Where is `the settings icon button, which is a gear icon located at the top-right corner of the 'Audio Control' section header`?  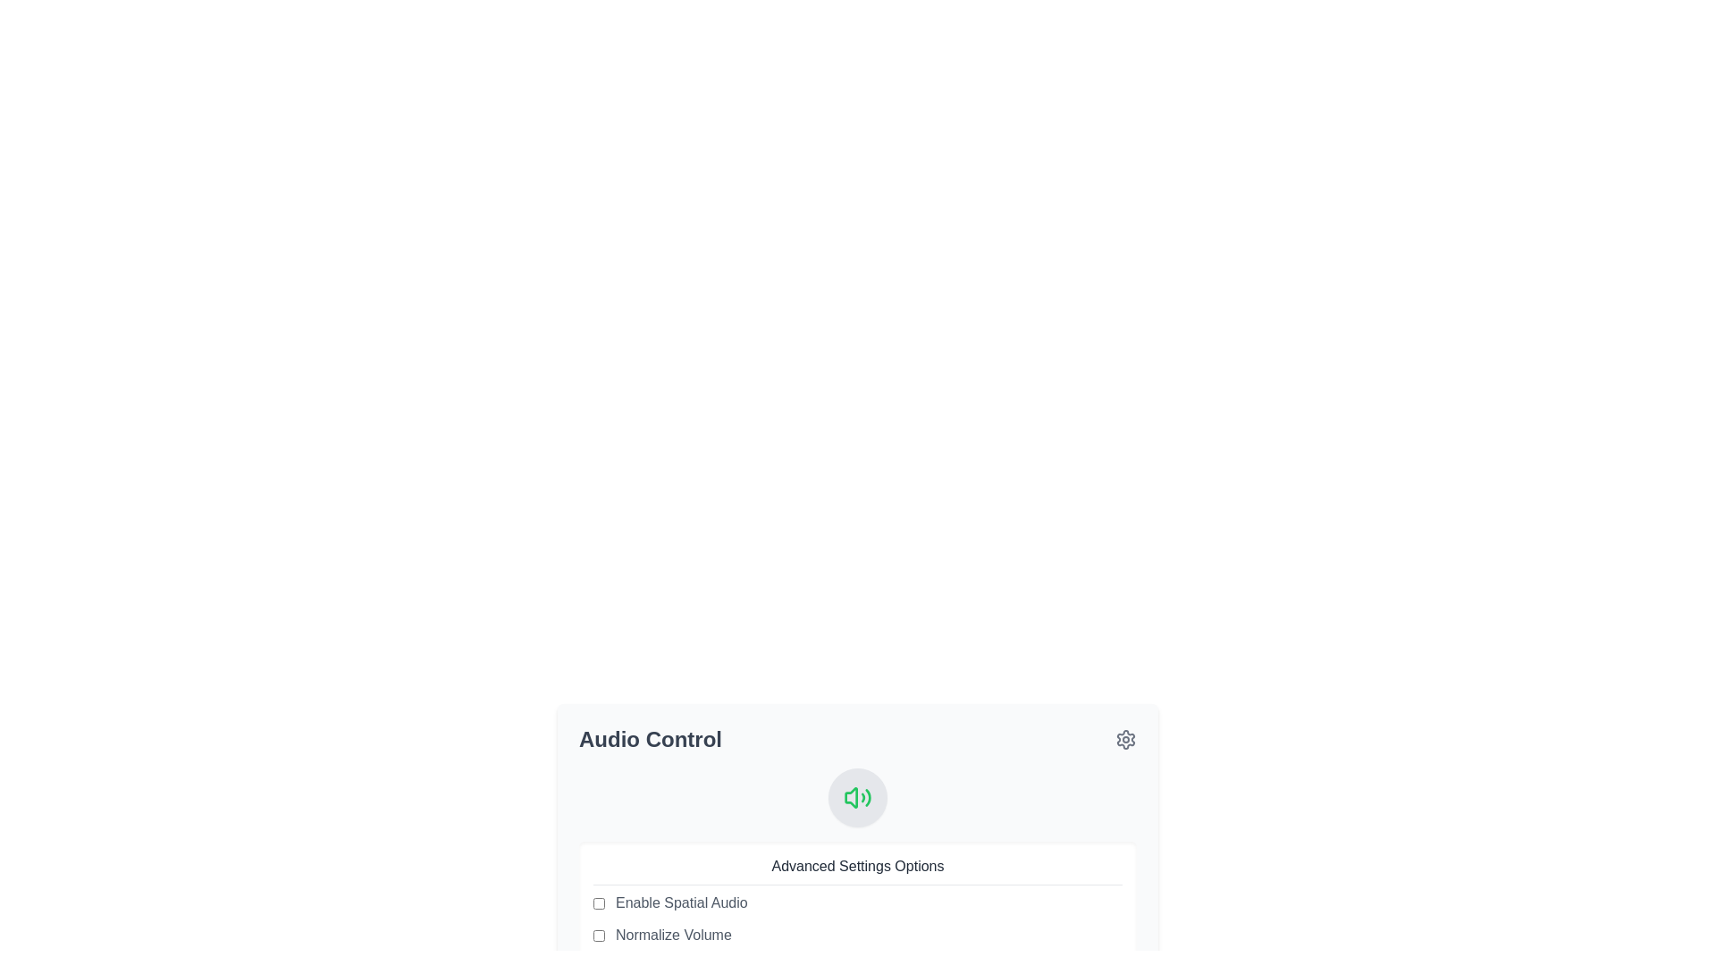
the settings icon button, which is a gear icon located at the top-right corner of the 'Audio Control' section header is located at coordinates (1124, 740).